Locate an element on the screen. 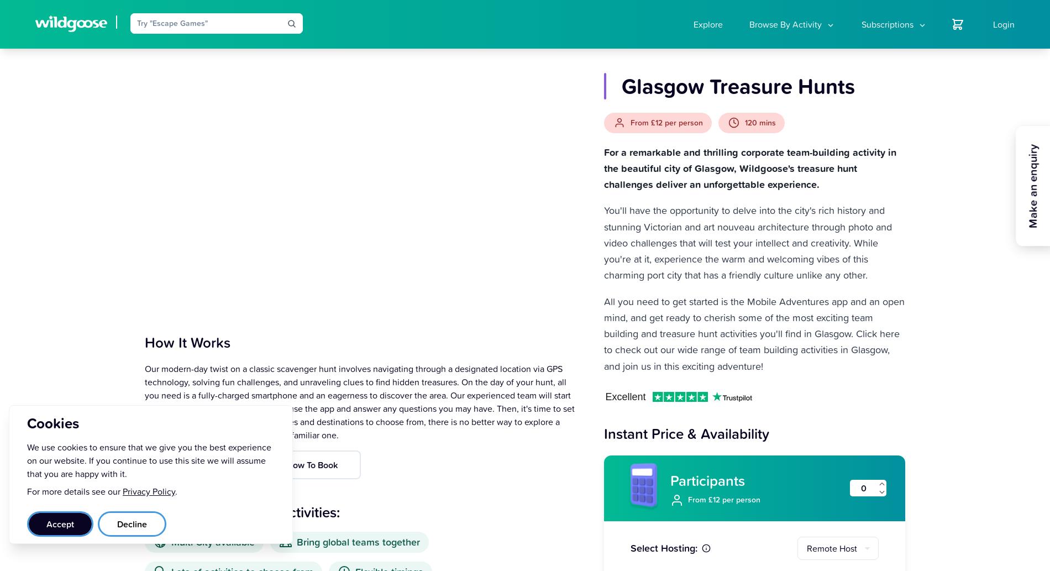 This screenshot has height=571, width=1050. 'Virtual Escape Rooms' is located at coordinates (783, 152).